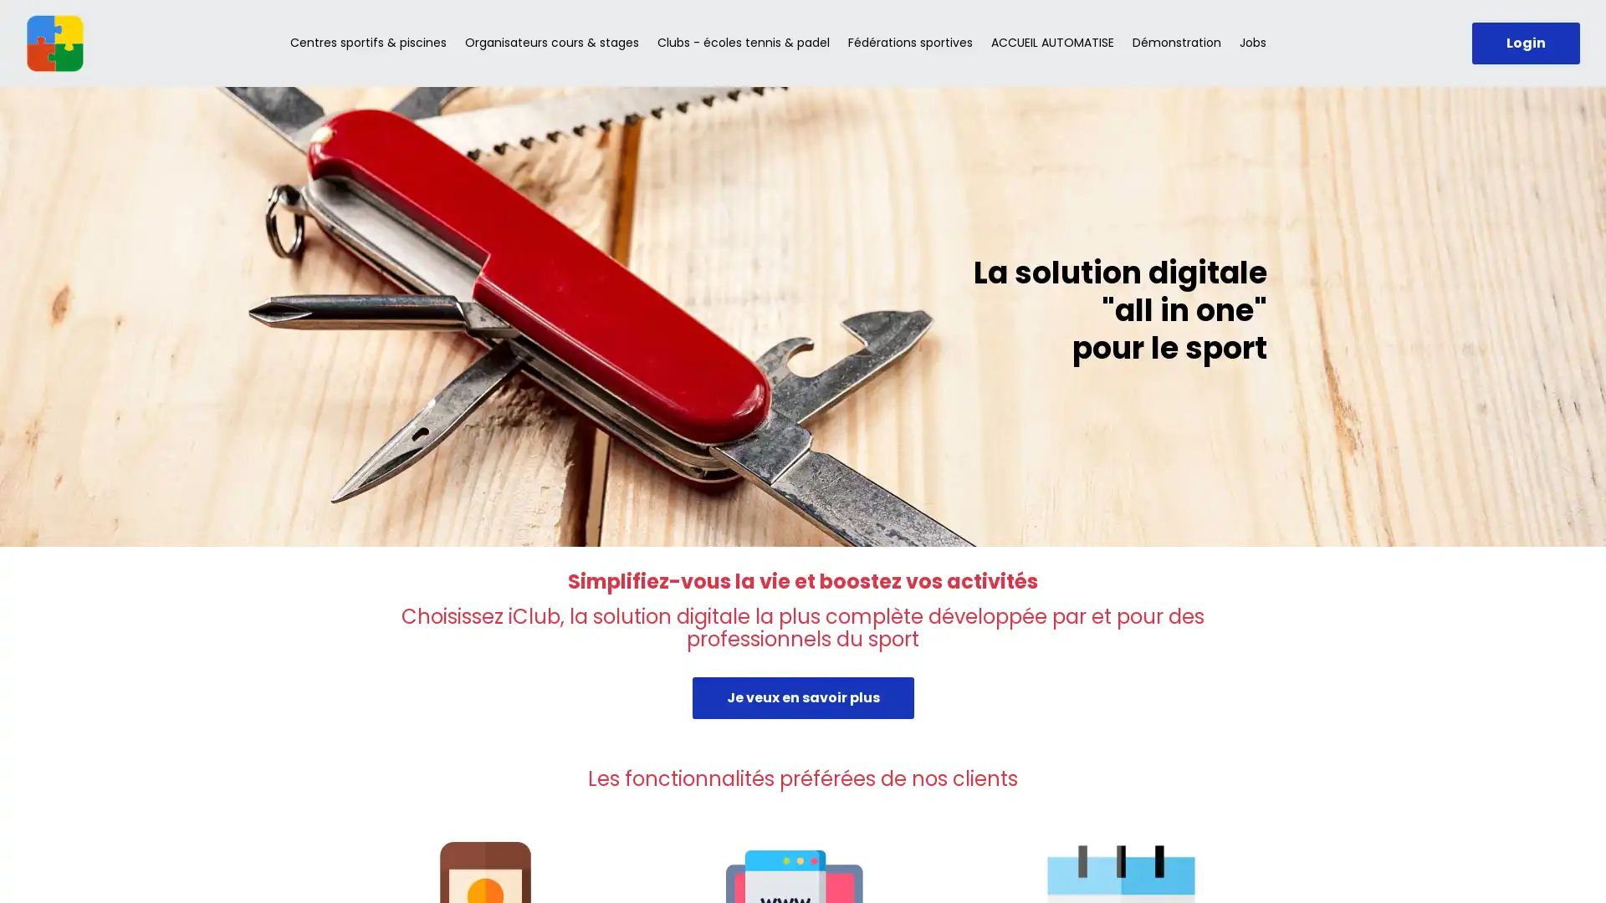 This screenshot has height=903, width=1606. What do you see at coordinates (1051, 42) in the screenshot?
I see `ACCUEIL AUTOMATISE` at bounding box center [1051, 42].